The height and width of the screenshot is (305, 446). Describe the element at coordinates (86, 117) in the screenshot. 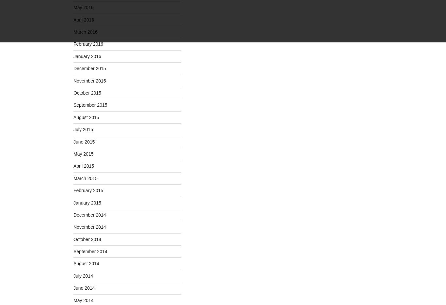

I see `'August 2015'` at that location.